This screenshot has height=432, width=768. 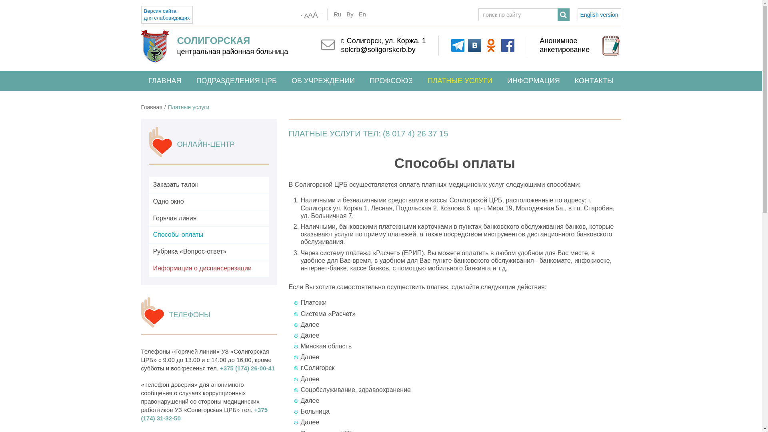 What do you see at coordinates (337, 14) in the screenshot?
I see `'Ru'` at bounding box center [337, 14].